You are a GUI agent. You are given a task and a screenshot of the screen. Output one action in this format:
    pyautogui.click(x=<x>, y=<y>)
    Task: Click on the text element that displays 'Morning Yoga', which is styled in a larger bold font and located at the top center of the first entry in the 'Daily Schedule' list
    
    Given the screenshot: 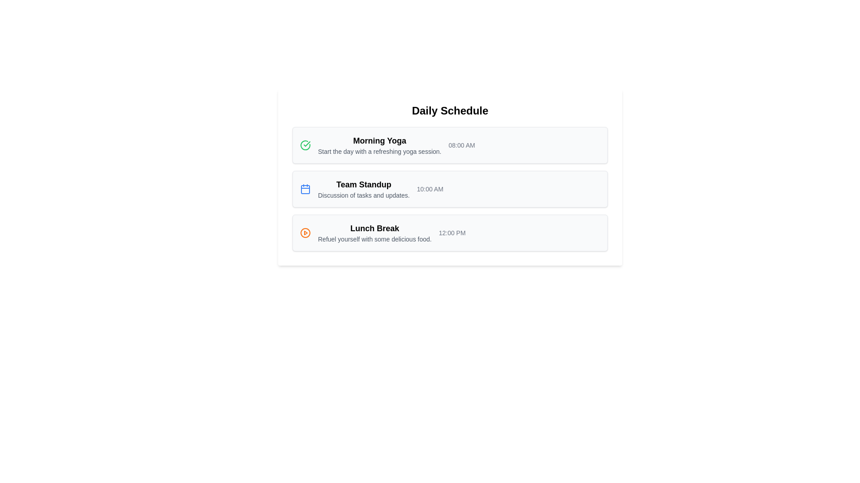 What is the action you would take?
    pyautogui.click(x=379, y=141)
    